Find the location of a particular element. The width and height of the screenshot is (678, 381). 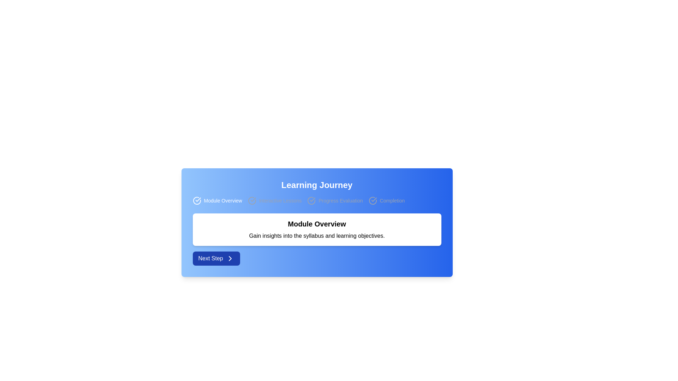

the 'Progress Evaluation' icon in the step-by-step progress tracker, which is the third element in the series representing the learning journey is located at coordinates (311, 201).